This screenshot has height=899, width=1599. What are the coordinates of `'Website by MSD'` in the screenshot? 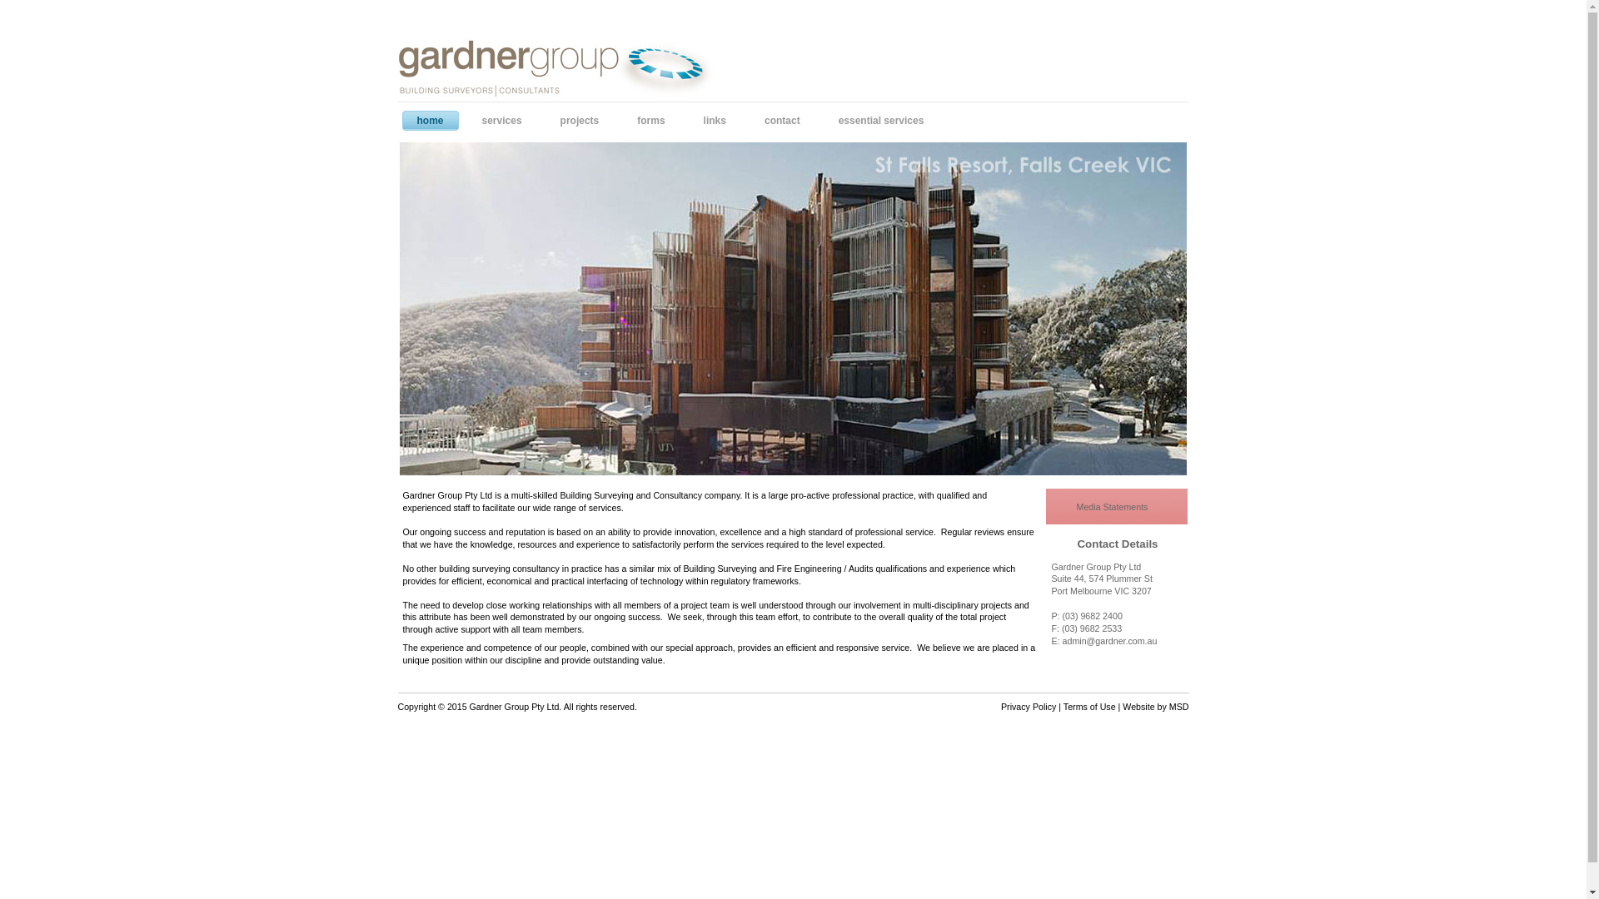 It's located at (1154, 706).